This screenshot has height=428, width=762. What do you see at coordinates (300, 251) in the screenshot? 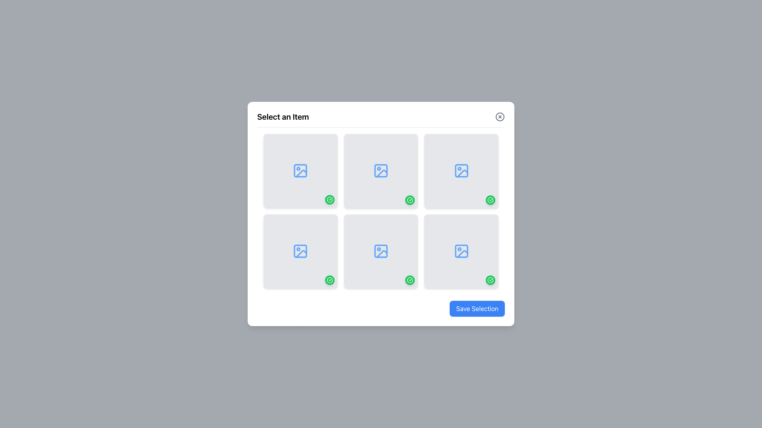
I see `the photo icon located in the bottom-left cell of a 2x3 grid layout` at bounding box center [300, 251].